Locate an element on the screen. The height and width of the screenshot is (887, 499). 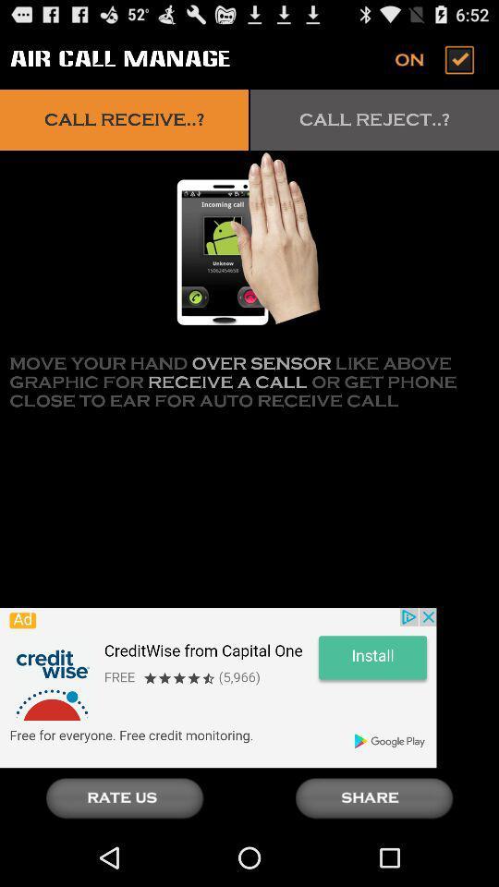
share the app is located at coordinates (374, 797).